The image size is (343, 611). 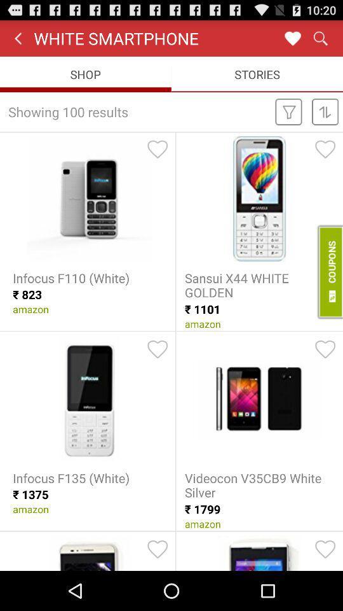 I want to click on favorites, so click(x=292, y=38).